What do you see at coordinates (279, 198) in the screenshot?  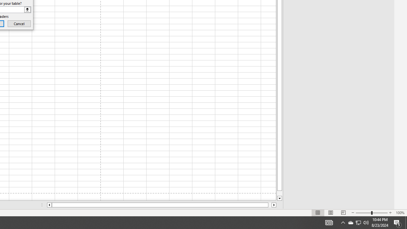 I see `'Line down'` at bounding box center [279, 198].